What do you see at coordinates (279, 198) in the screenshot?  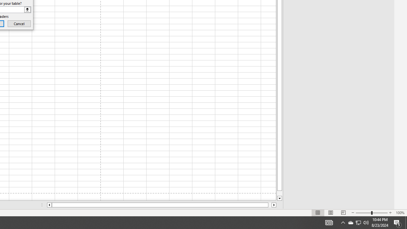 I see `'Line down'` at bounding box center [279, 198].